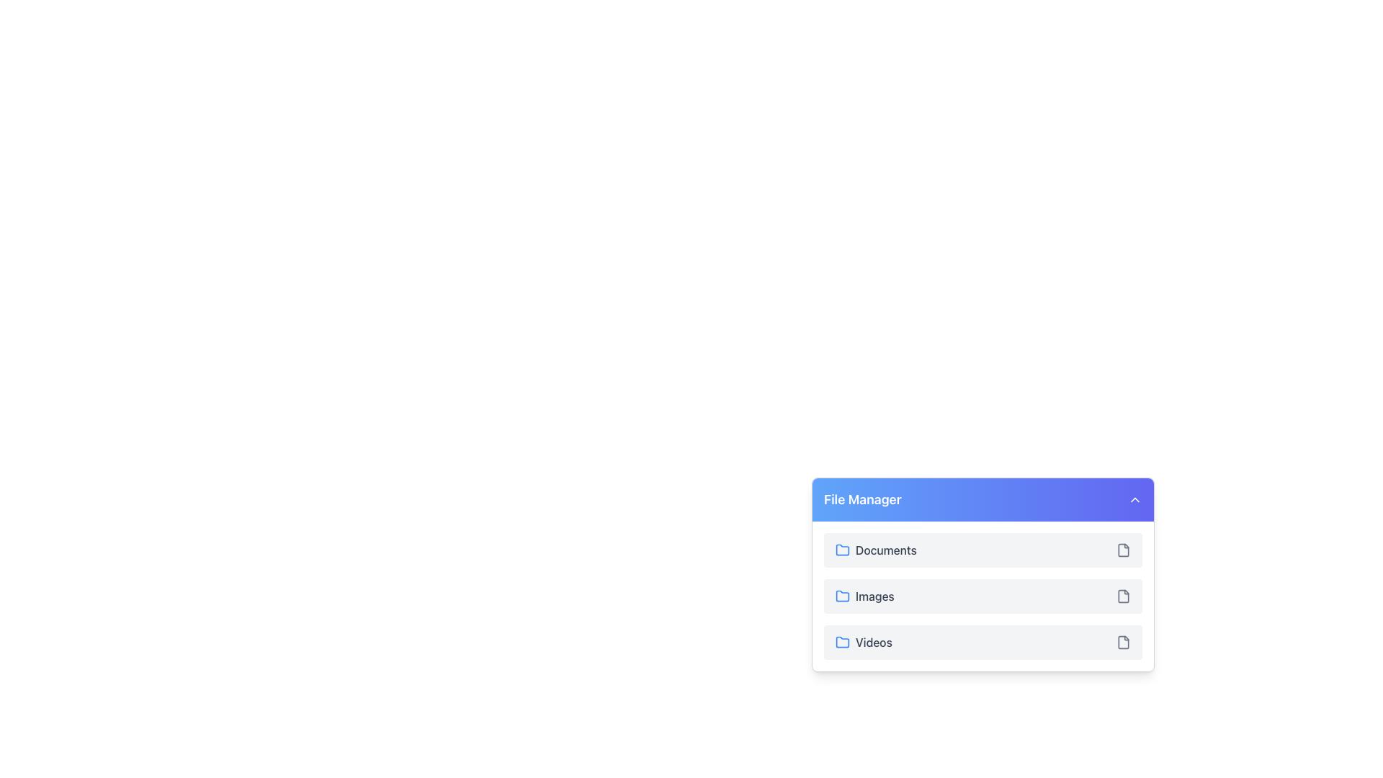  I want to click on the 'Documents' list item in the File Manager section, so click(982, 550).